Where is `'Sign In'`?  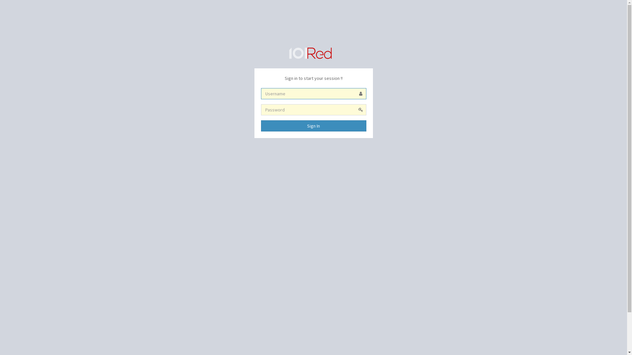
'Sign In' is located at coordinates (313, 126).